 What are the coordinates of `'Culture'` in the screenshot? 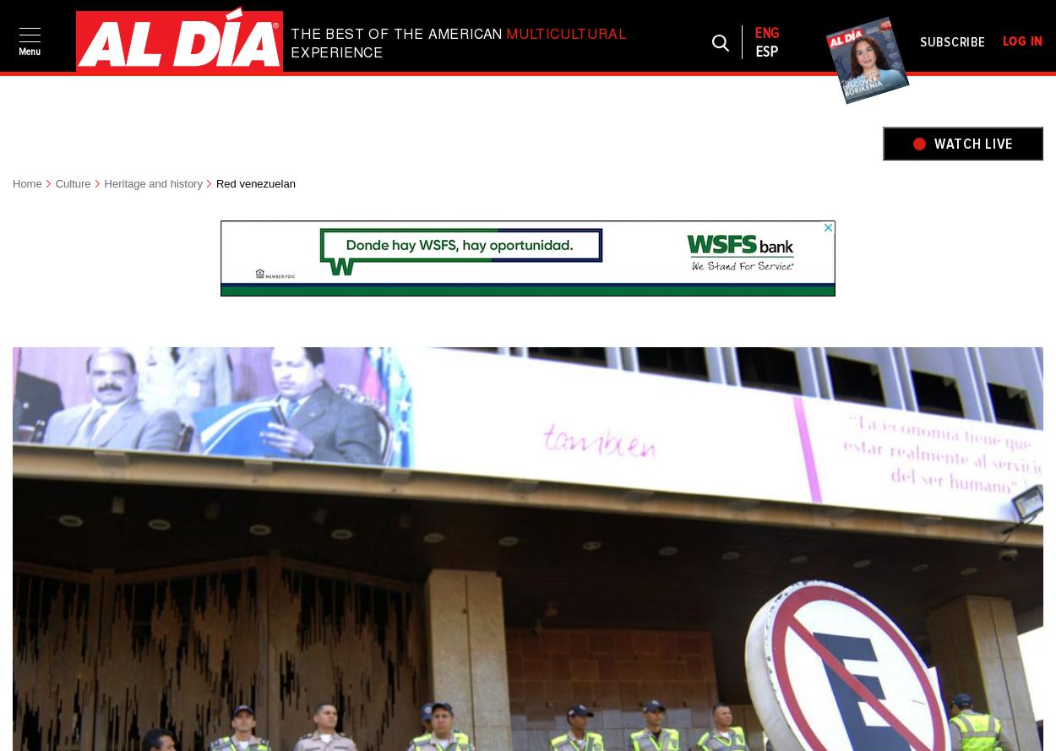 It's located at (72, 182).